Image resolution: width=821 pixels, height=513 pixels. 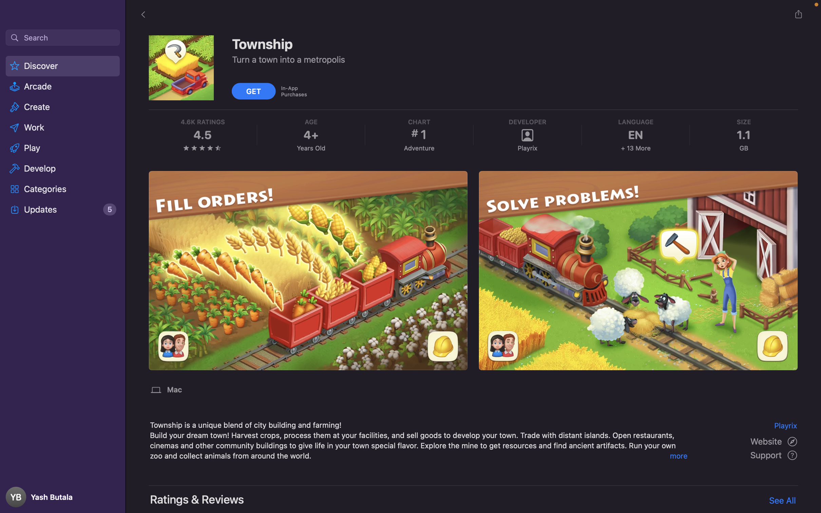 What do you see at coordinates (254, 90) in the screenshot?
I see `the "get" button and subsequently pick "In-App Purchases" for viewing the available in-app purchases` at bounding box center [254, 90].